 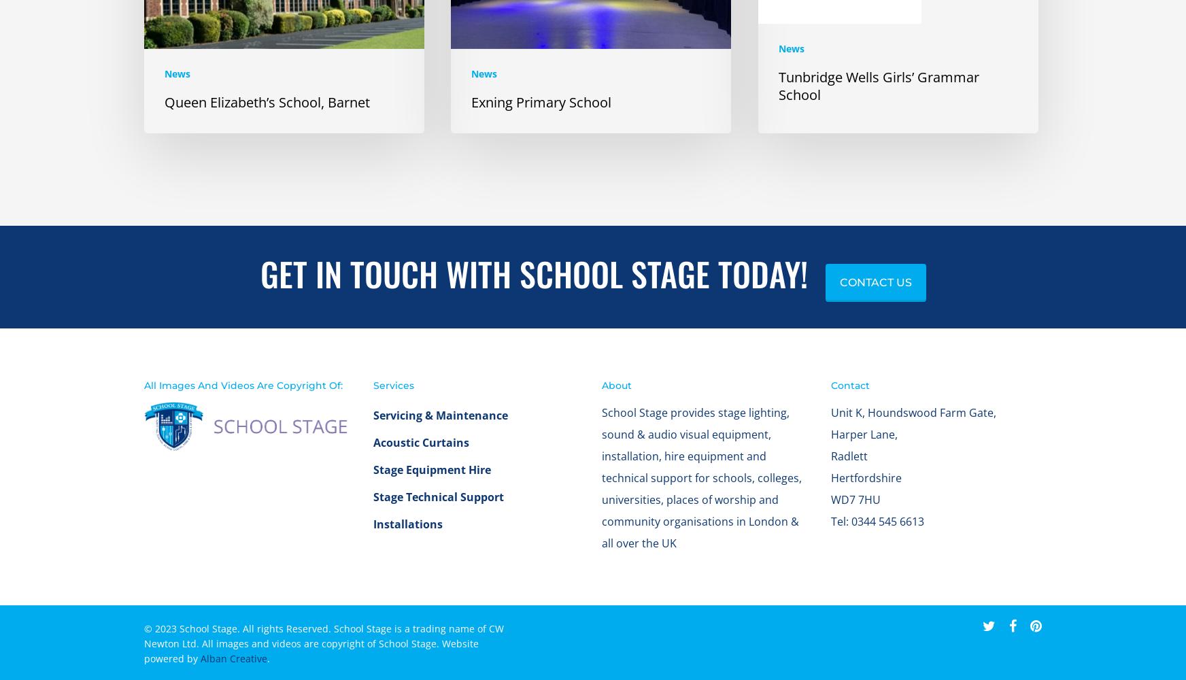 I want to click on 'Hertfordshire', so click(x=865, y=490).